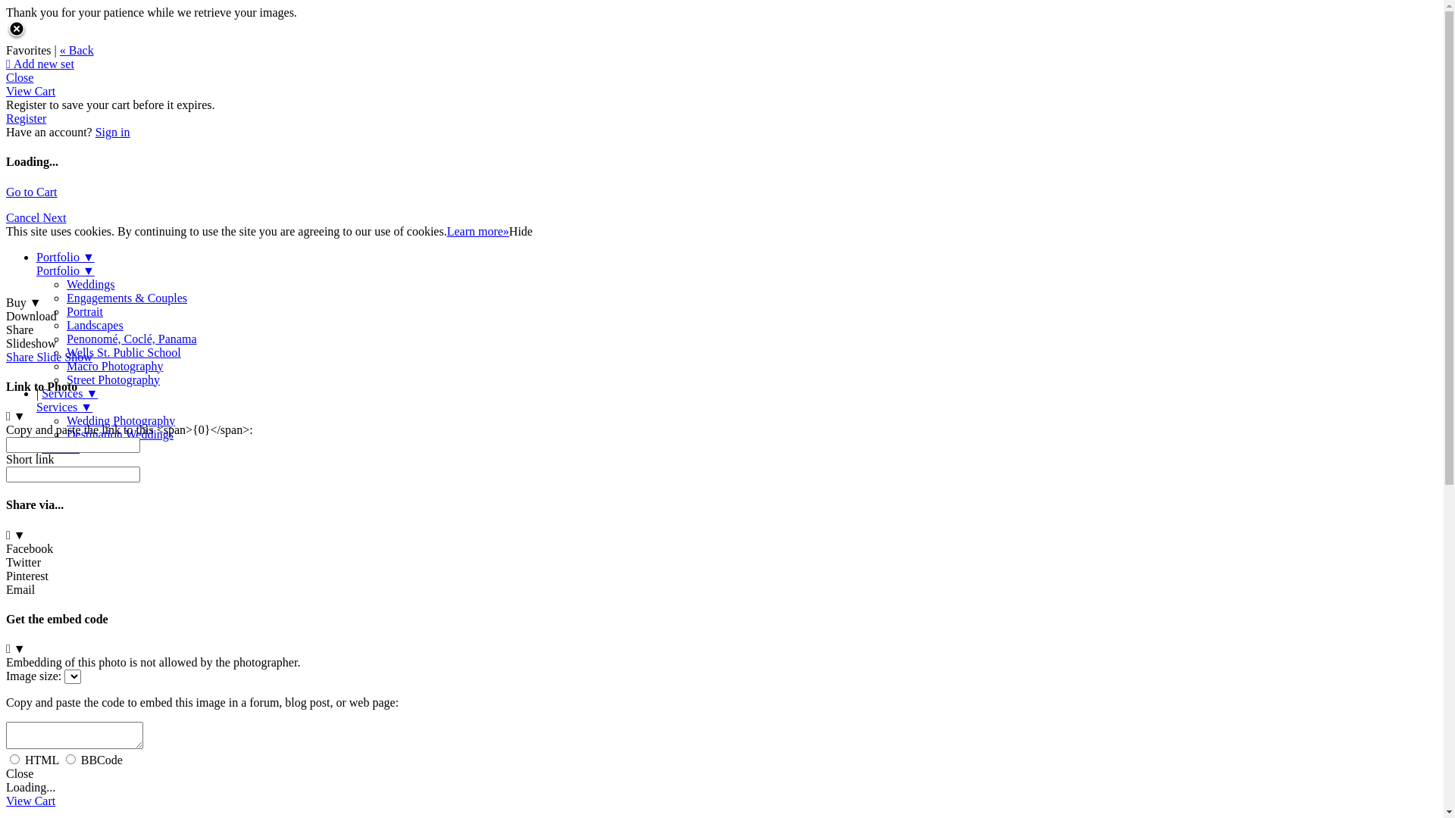  I want to click on 'Engagements & Couples', so click(127, 298).